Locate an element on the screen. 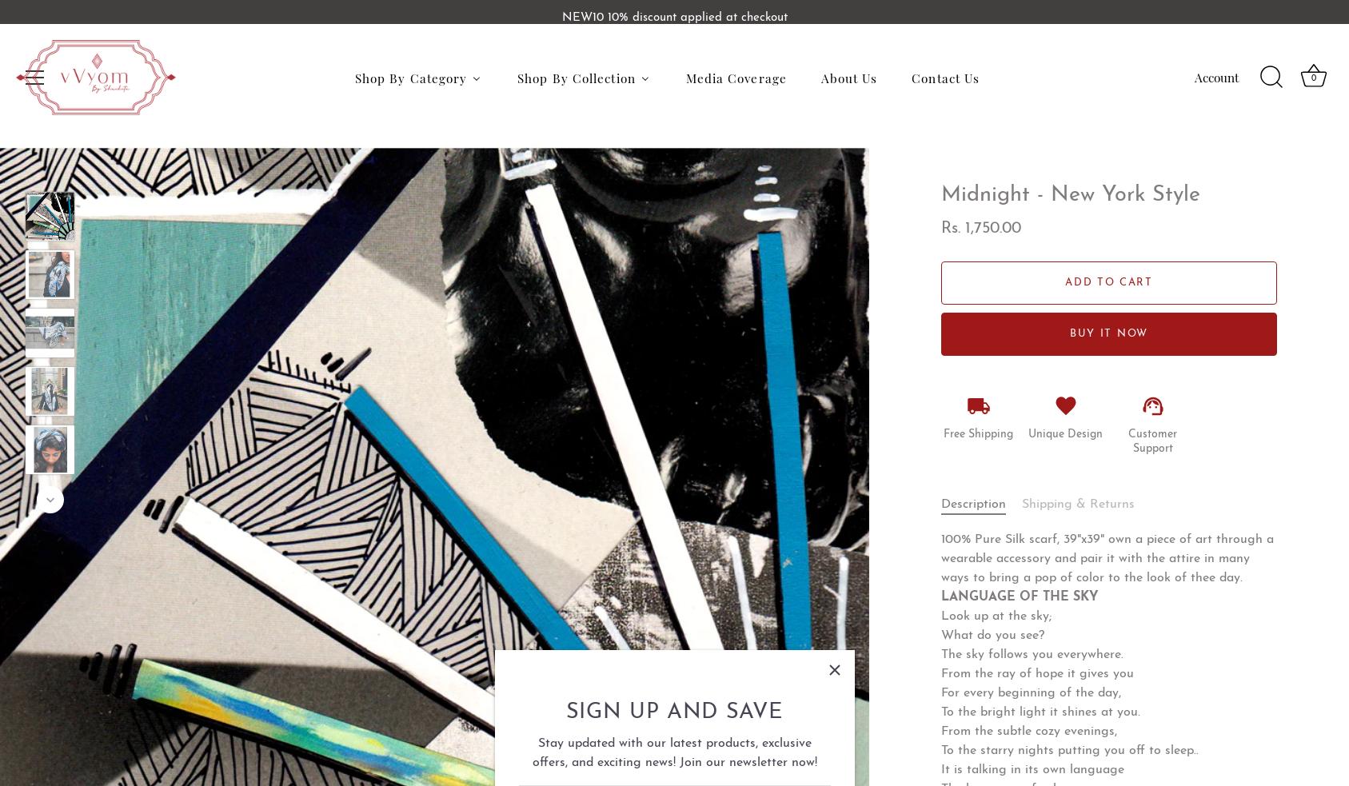 Image resolution: width=1349 pixels, height=786 pixels. 'Look up at the sky;' is located at coordinates (996, 615).